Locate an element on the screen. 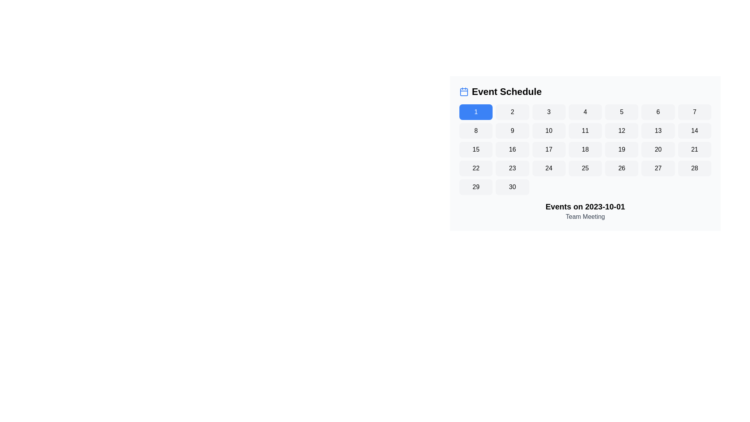 The width and height of the screenshot is (750, 422). the button representing the date '10' in the calendar view is located at coordinates (548, 131).